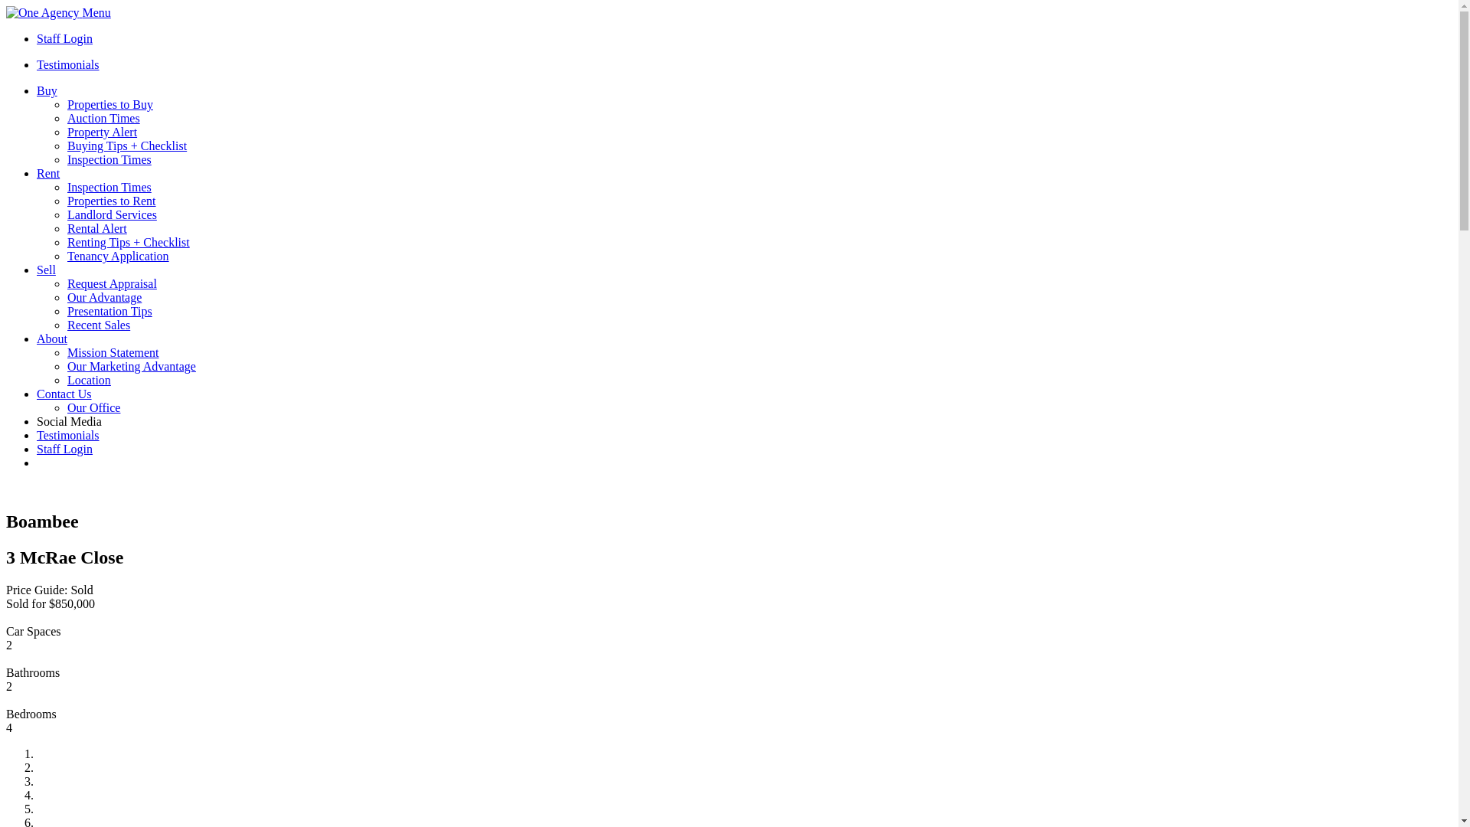 The image size is (1470, 827). I want to click on 'Presentation Tips', so click(66, 310).